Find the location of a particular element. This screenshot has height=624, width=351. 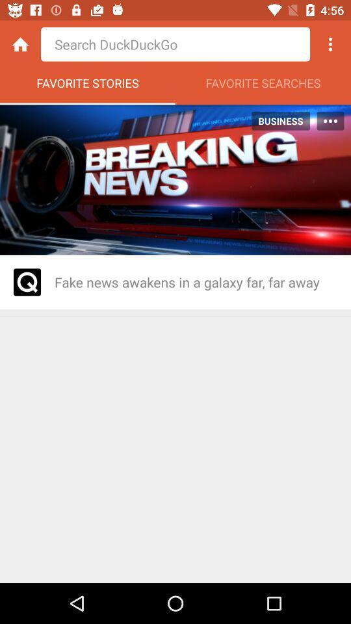

the item above favorite stories item is located at coordinates (19, 44).